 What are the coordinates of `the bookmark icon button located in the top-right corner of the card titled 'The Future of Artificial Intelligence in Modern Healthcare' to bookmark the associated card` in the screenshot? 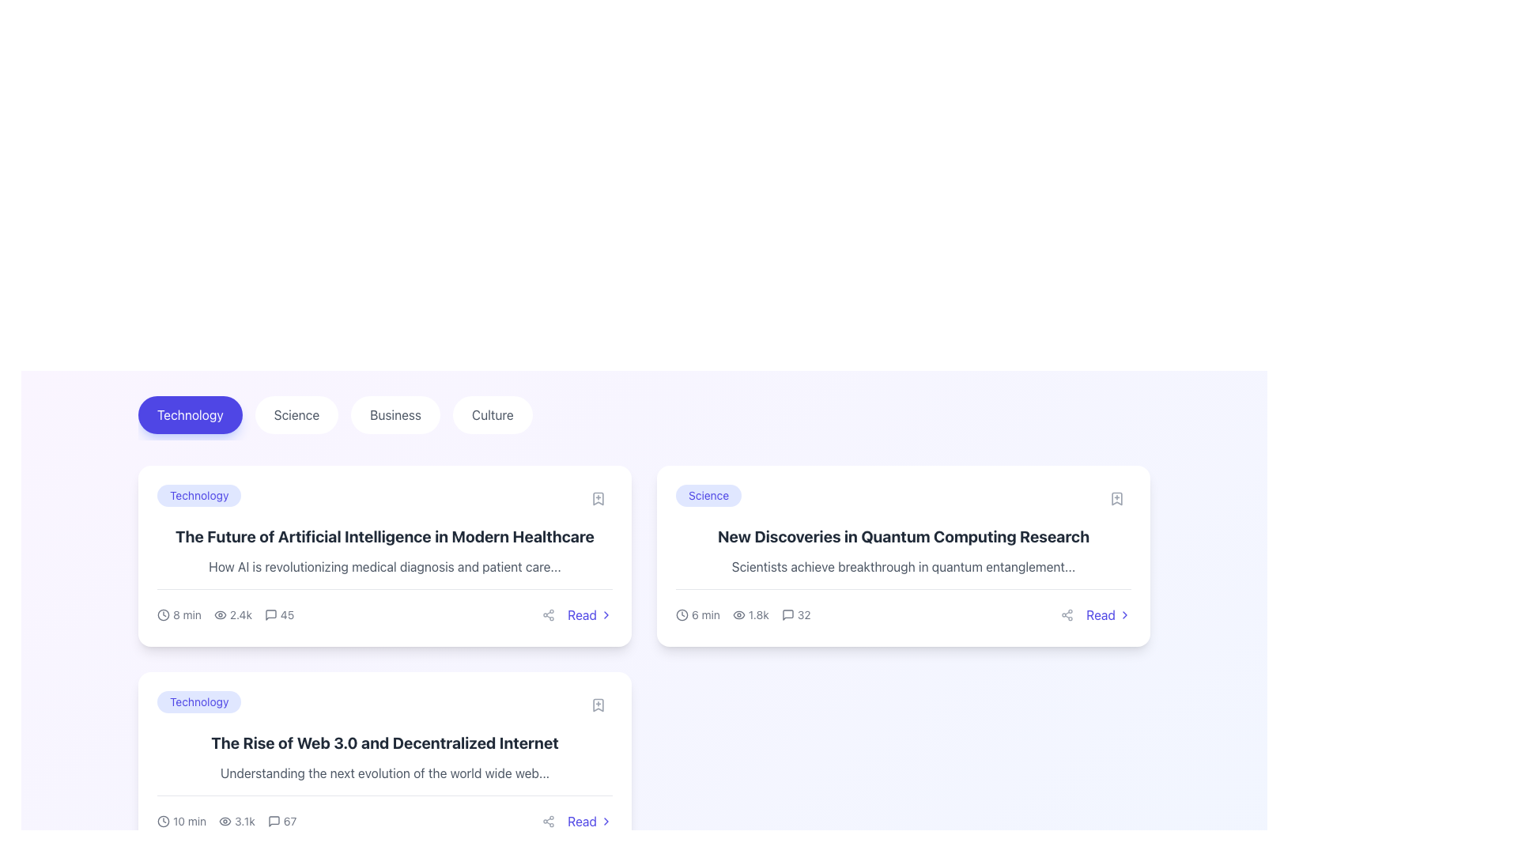 It's located at (598, 499).